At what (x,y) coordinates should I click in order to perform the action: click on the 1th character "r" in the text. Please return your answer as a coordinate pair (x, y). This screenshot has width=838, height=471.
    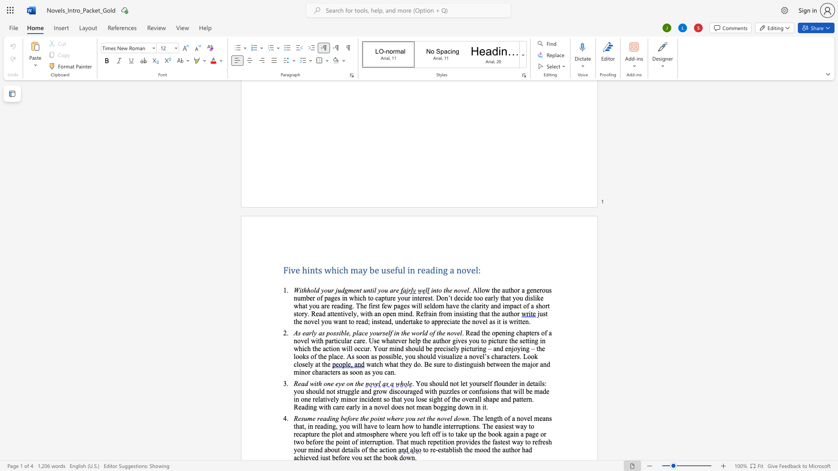
    Looking at the image, I should click on (419, 270).